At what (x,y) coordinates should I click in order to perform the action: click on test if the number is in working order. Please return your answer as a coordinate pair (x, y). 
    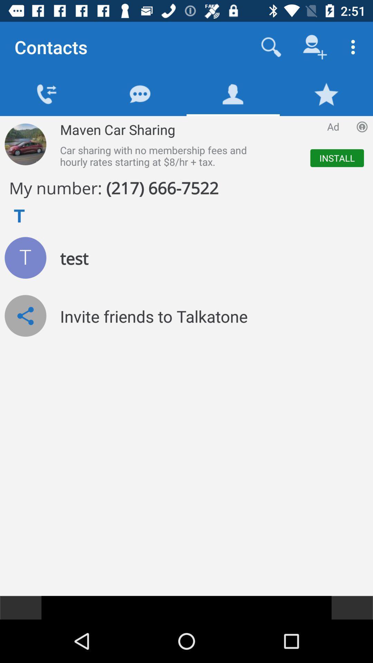
    Looking at the image, I should click on (25, 257).